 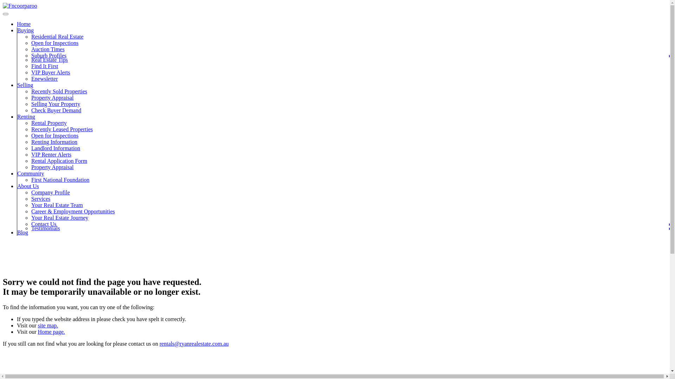 What do you see at coordinates (54, 135) in the screenshot?
I see `'Open for Inspections'` at bounding box center [54, 135].